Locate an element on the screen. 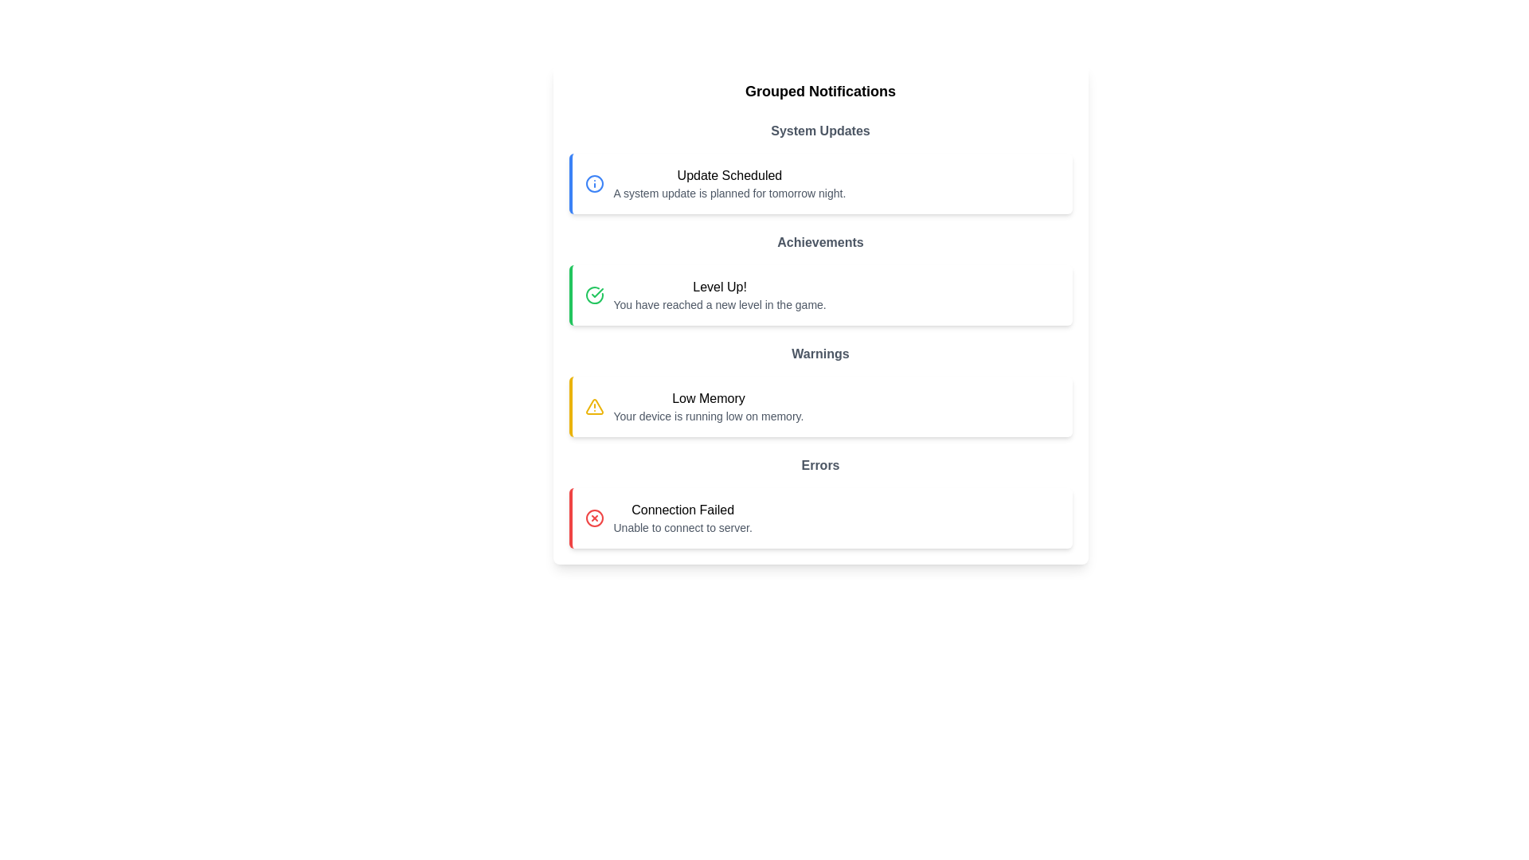 This screenshot has height=860, width=1529. the Notification card displaying 'Level Up!' and 'You have reached a new level in the game.' is located at coordinates (820, 295).